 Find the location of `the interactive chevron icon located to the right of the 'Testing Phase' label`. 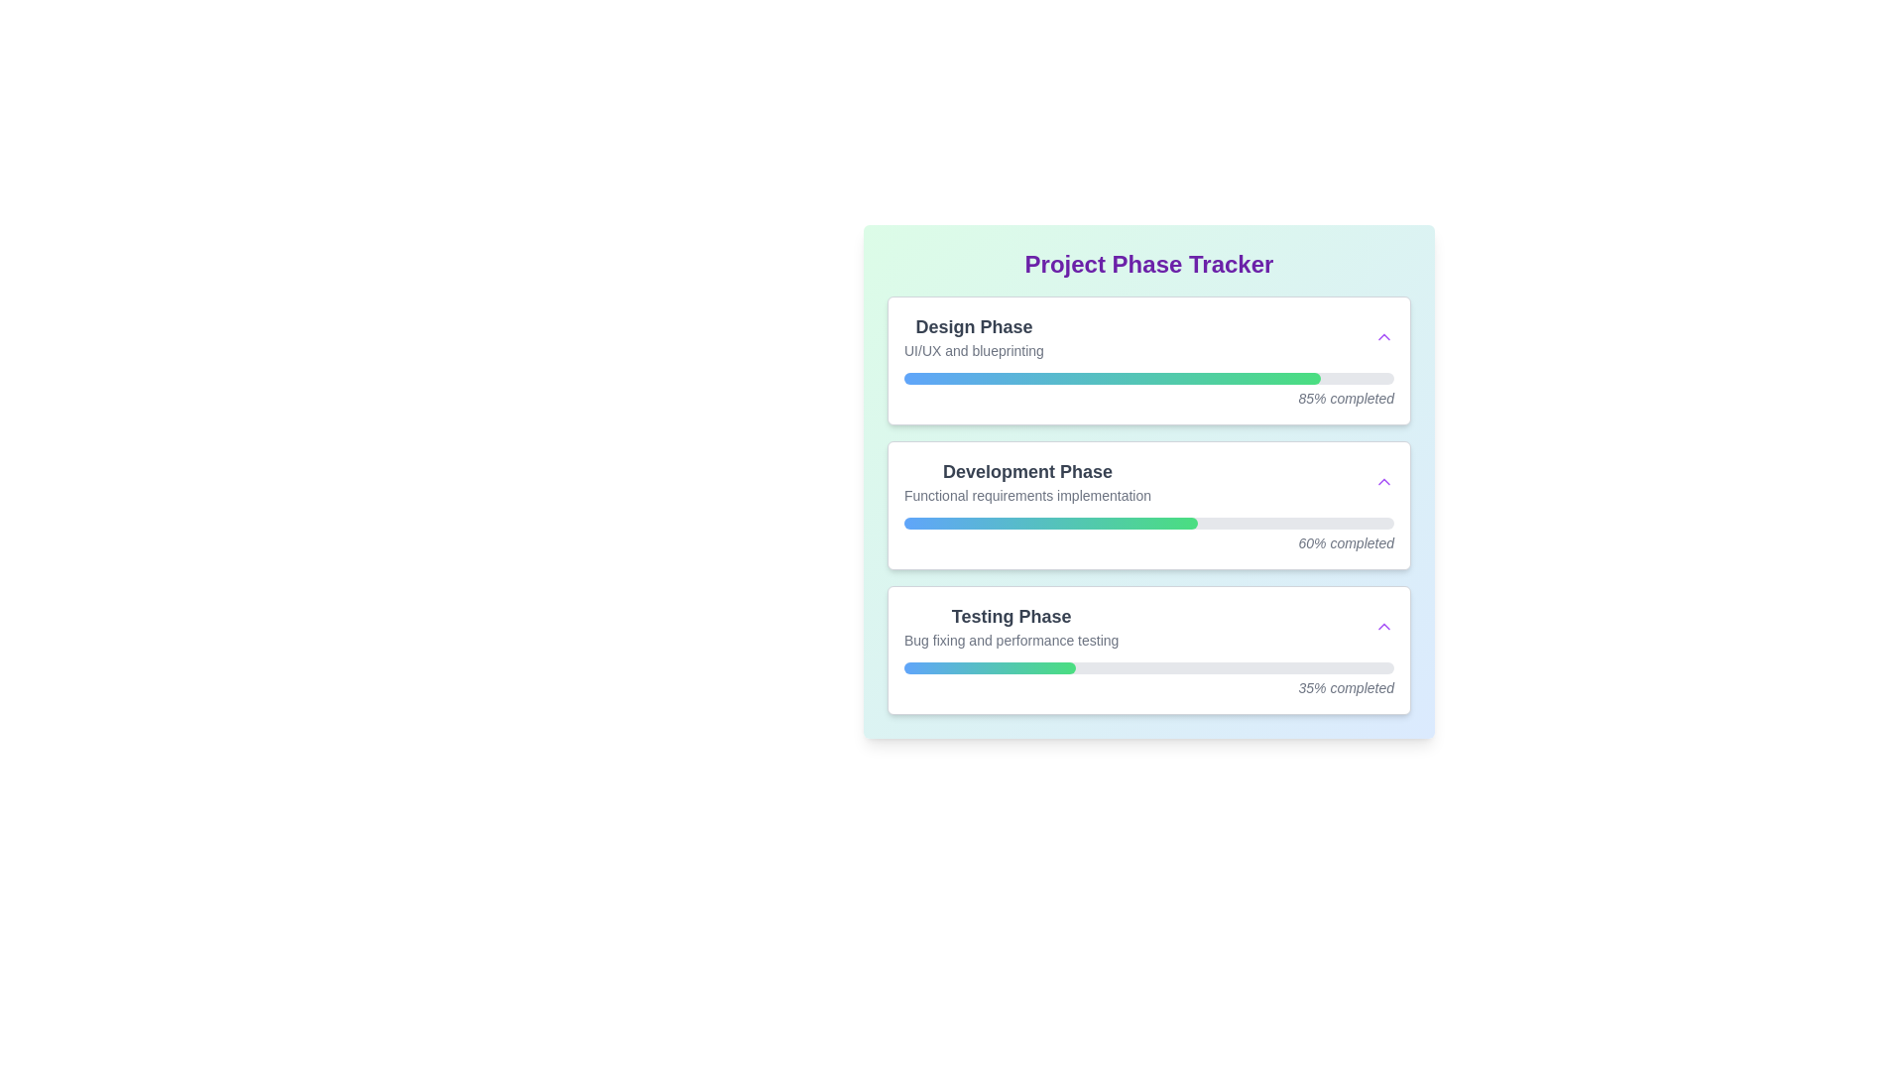

the interactive chevron icon located to the right of the 'Testing Phase' label is located at coordinates (1383, 627).